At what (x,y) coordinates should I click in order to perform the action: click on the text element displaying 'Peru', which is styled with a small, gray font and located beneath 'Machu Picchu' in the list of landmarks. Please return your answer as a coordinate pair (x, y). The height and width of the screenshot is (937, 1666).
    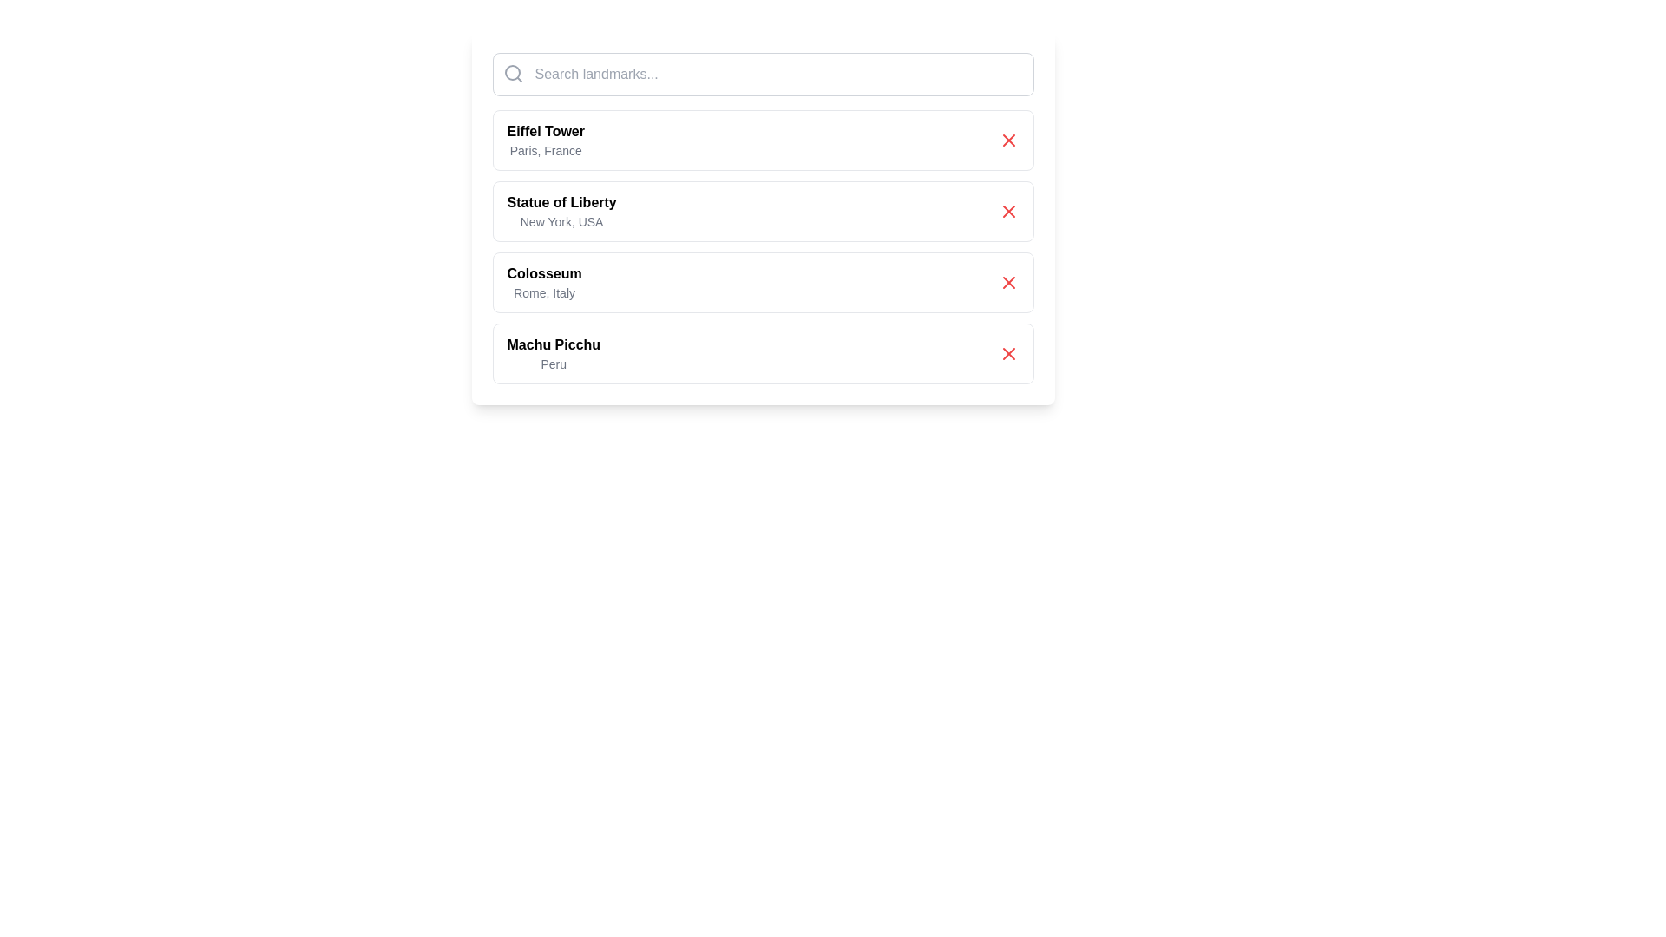
    Looking at the image, I should click on (553, 364).